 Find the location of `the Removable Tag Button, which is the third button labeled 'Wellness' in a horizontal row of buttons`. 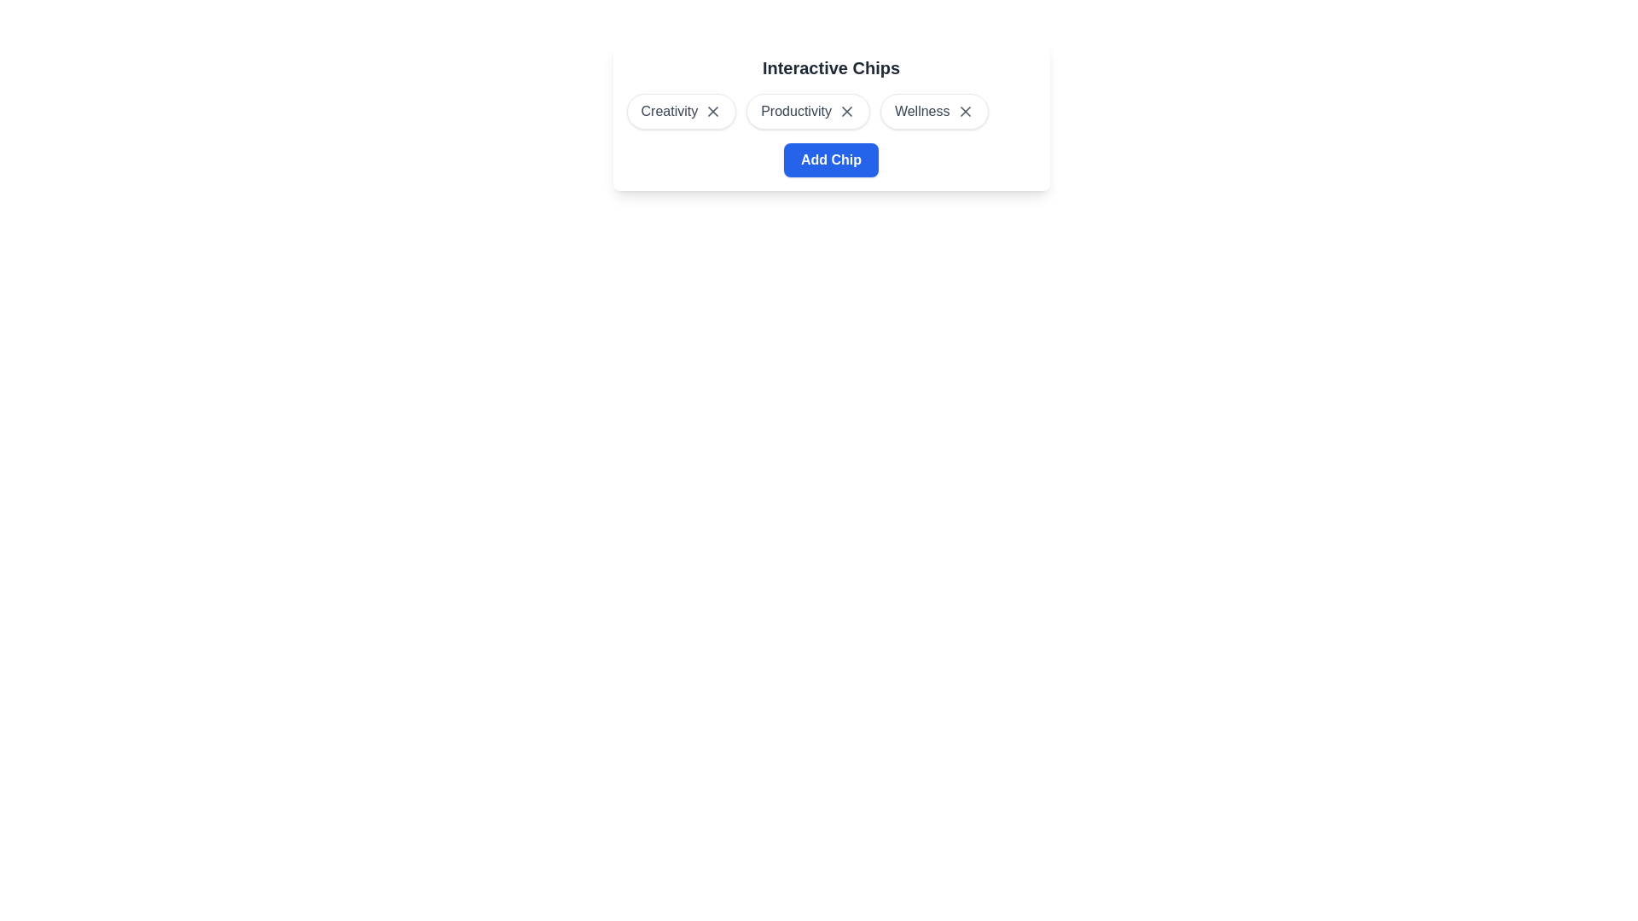

the Removable Tag Button, which is the third button labeled 'Wellness' in a horizontal row of buttons is located at coordinates (933, 112).